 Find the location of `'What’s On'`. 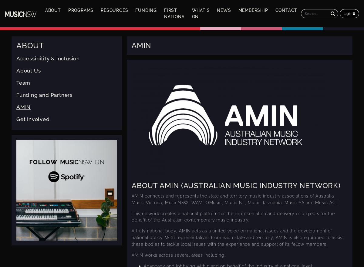

'What’s On' is located at coordinates (201, 13).